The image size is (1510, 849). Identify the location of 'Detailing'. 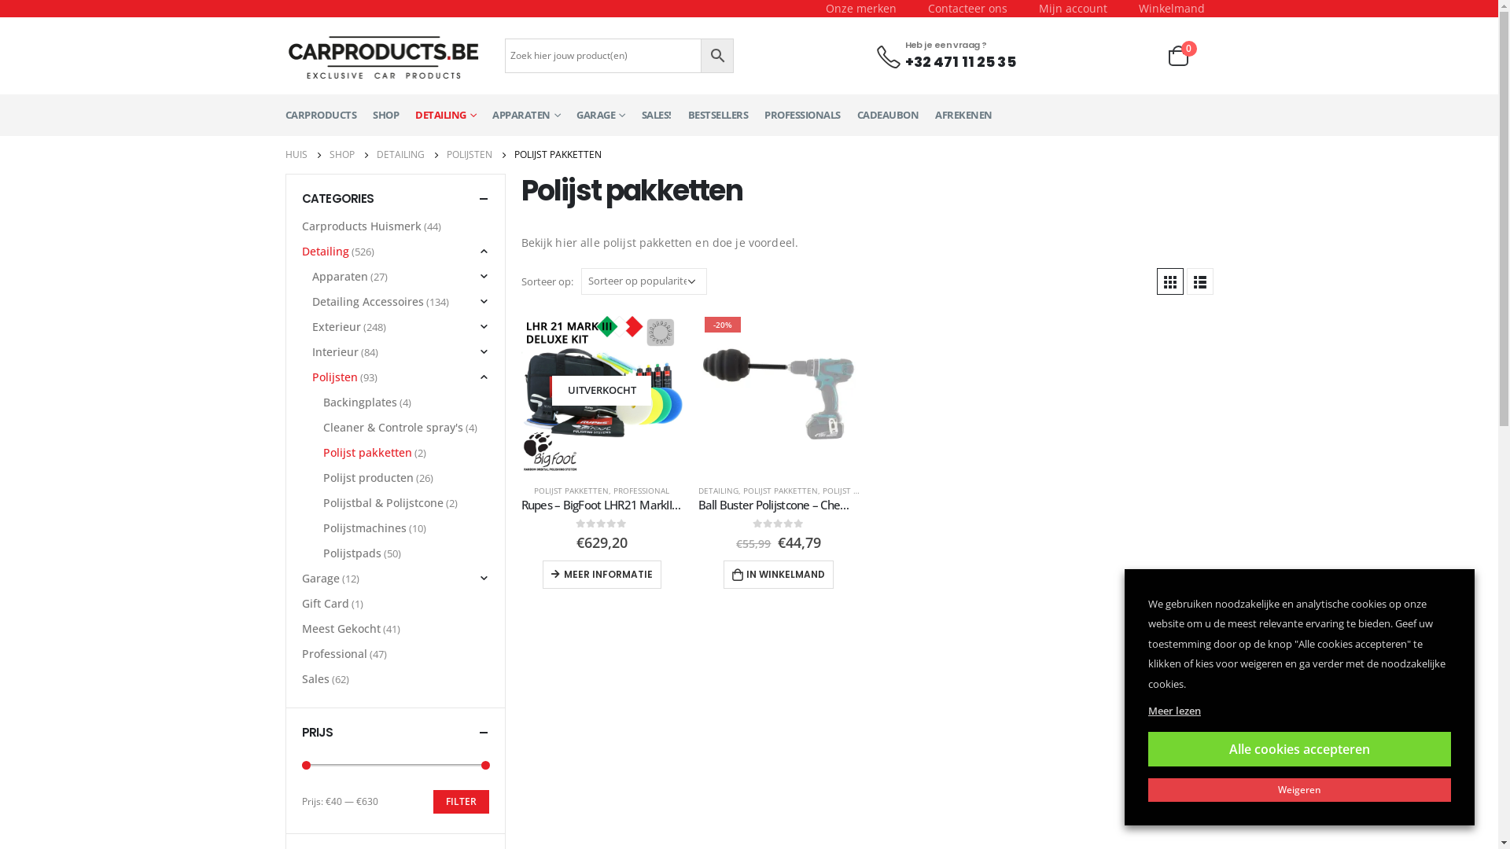
(324, 251).